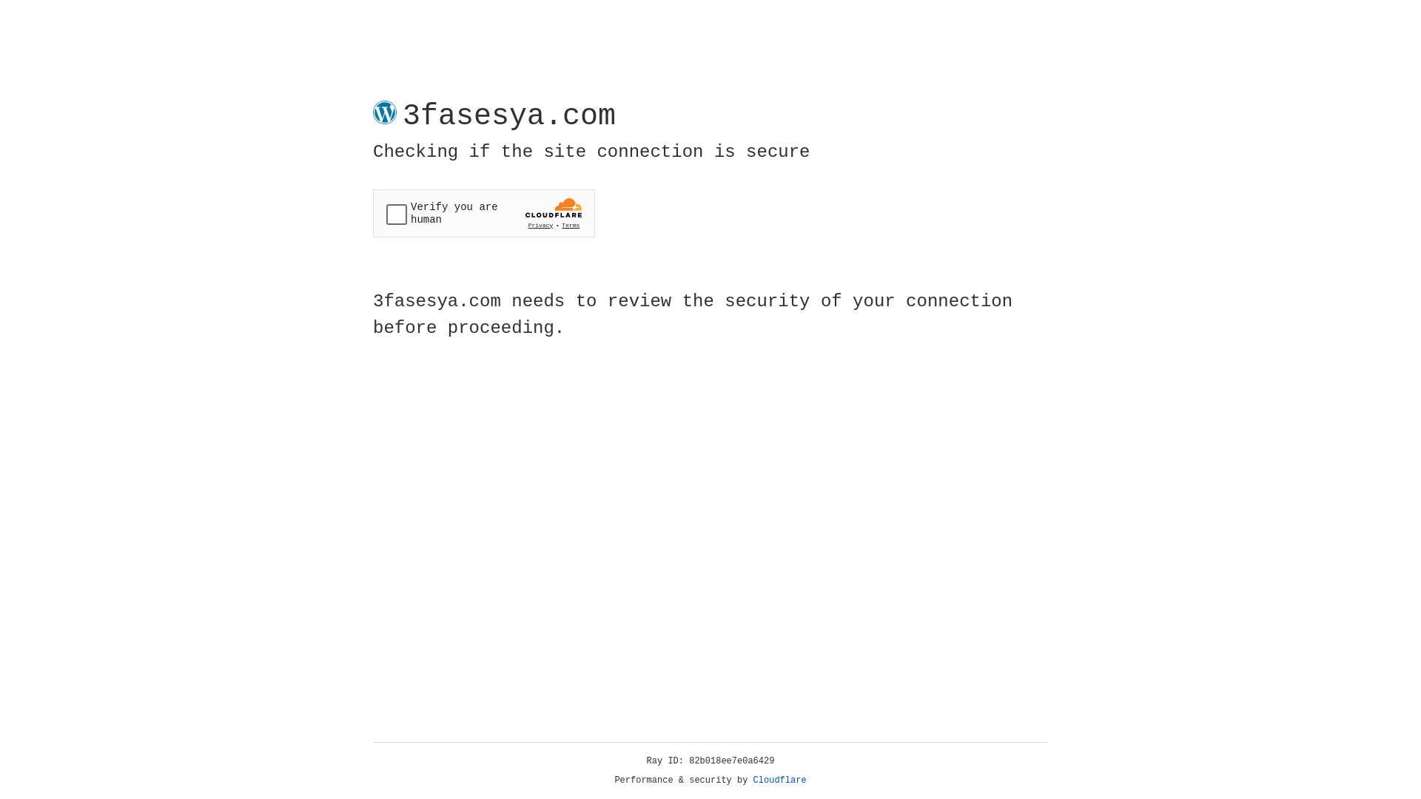 This screenshot has width=1421, height=799. What do you see at coordinates (483, 213) in the screenshot?
I see `'Widget containing a Cloudflare security challenge'` at bounding box center [483, 213].